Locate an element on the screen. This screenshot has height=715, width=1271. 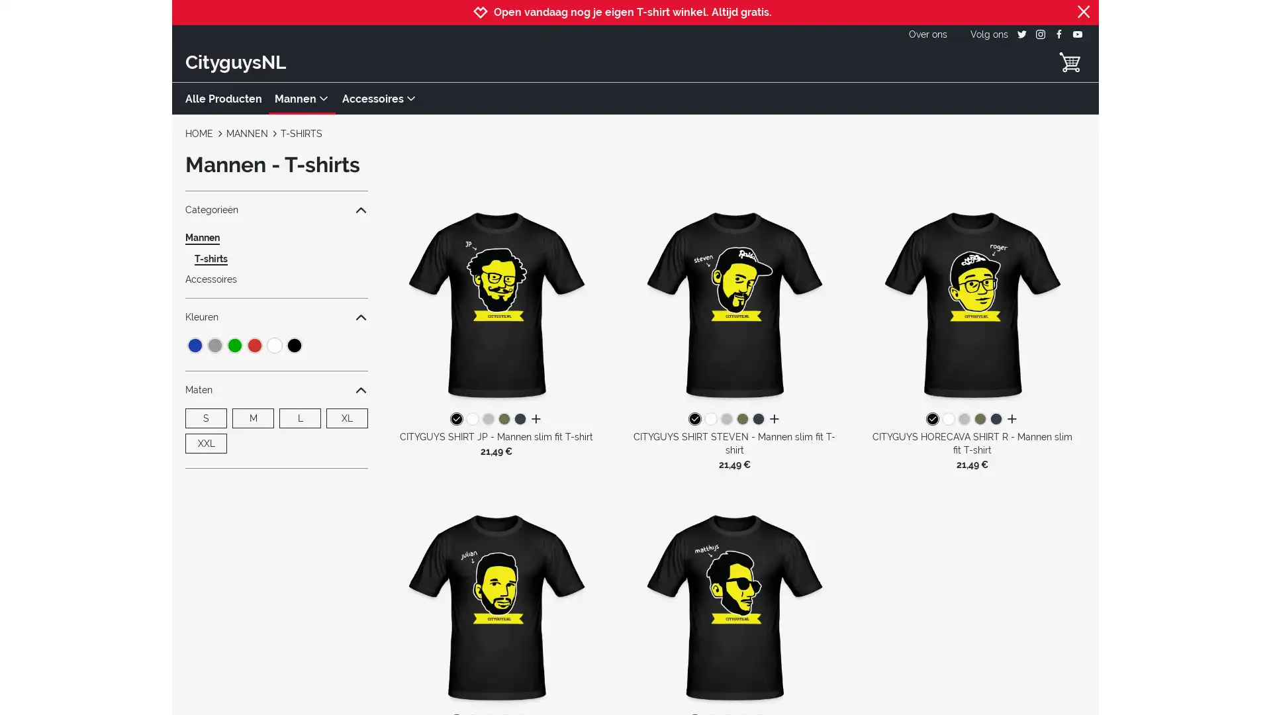
navy is located at coordinates (758, 419).